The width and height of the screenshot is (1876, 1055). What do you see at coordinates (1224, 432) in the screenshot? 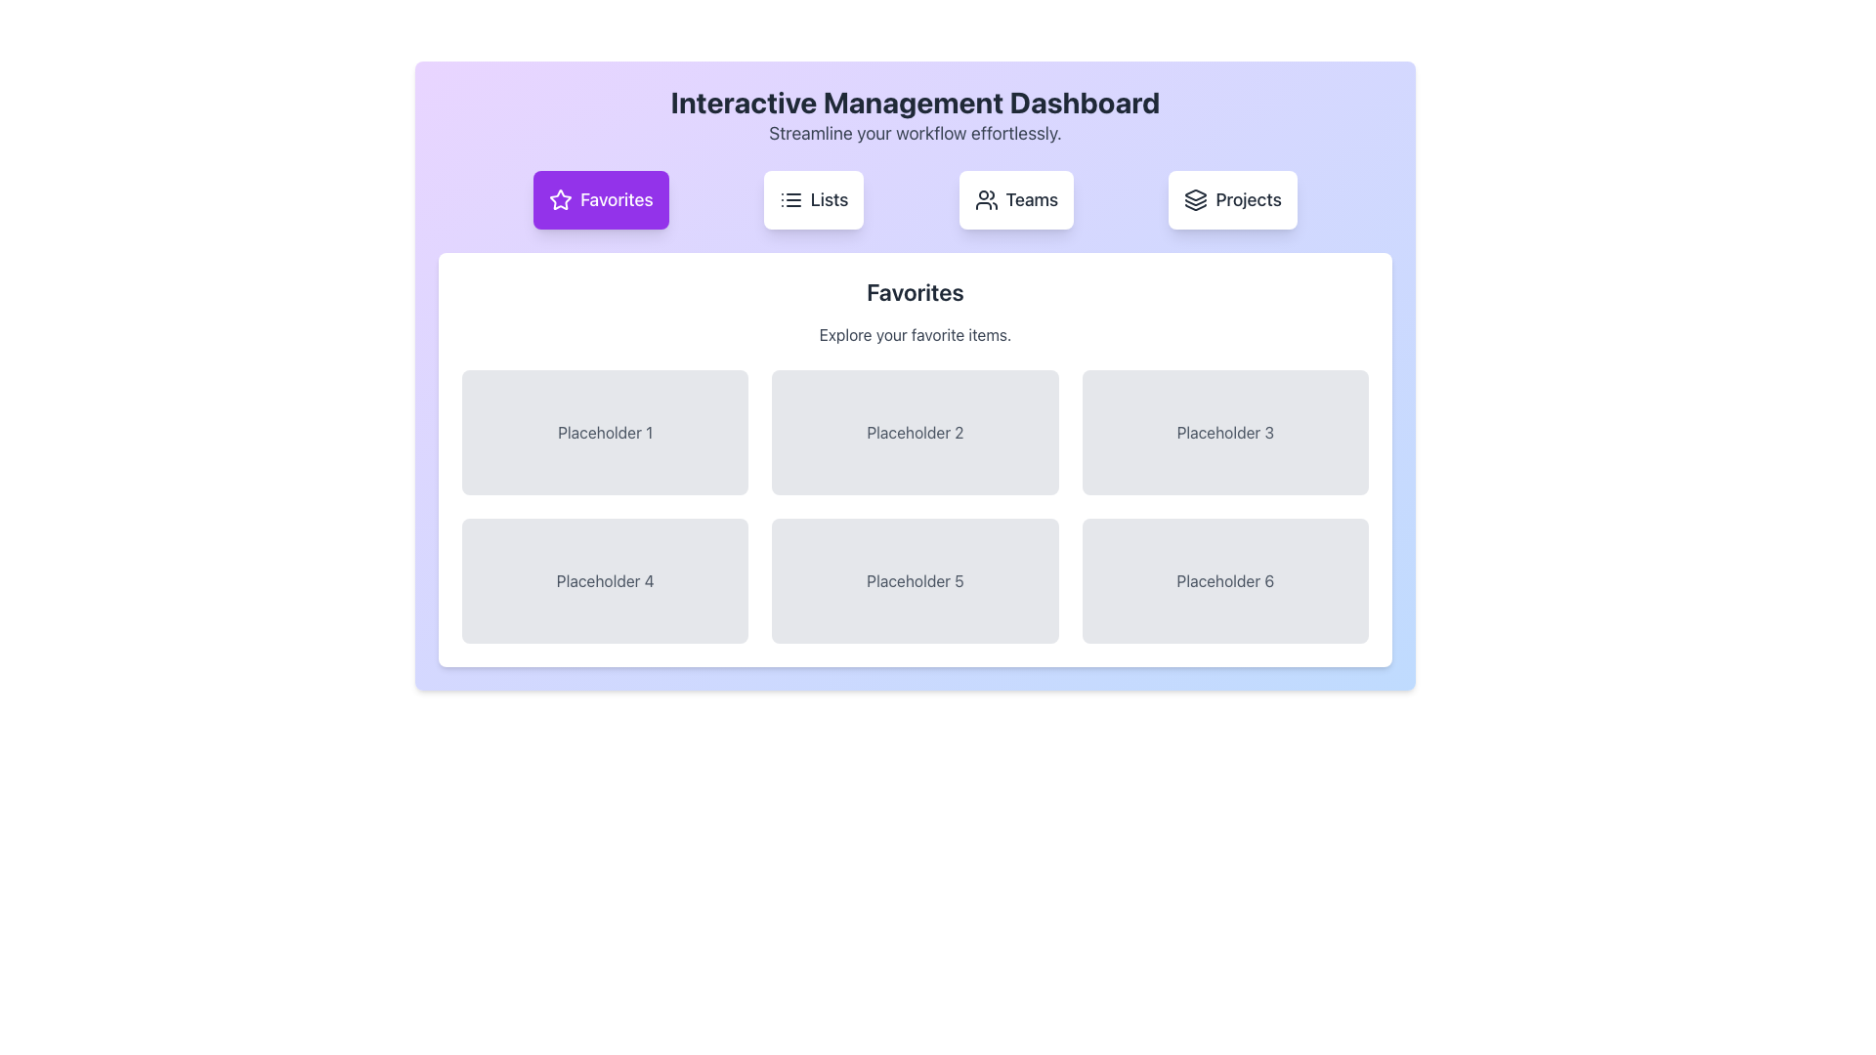
I see `the light gray rectangular placeholder labeled 'Placeholder 3', which is the third element in the first row of a grid layout` at bounding box center [1224, 432].